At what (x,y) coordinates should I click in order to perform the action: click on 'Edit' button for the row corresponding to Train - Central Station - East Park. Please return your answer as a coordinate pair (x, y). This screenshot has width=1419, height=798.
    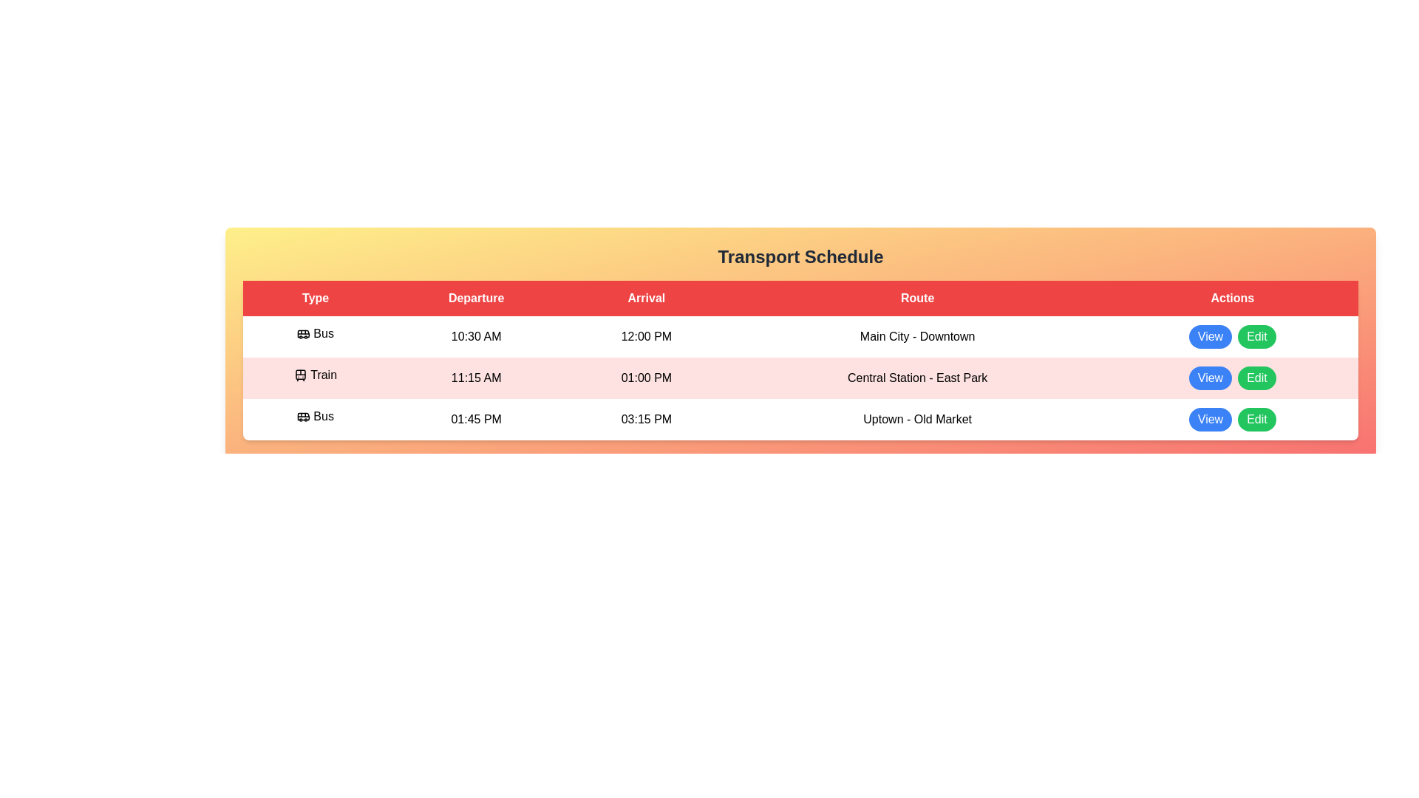
    Looking at the image, I should click on (1256, 378).